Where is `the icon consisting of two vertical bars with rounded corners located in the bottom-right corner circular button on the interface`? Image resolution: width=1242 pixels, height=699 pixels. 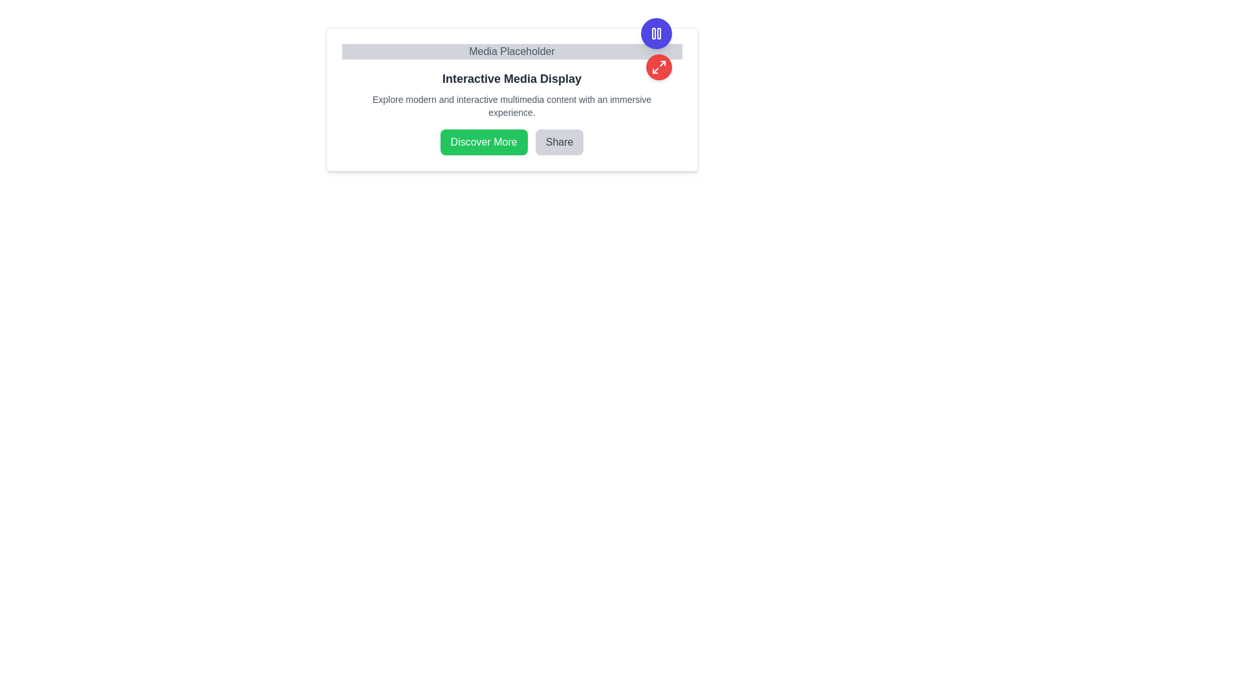
the icon consisting of two vertical bars with rounded corners located in the bottom-right corner circular button on the interface is located at coordinates (656, 32).